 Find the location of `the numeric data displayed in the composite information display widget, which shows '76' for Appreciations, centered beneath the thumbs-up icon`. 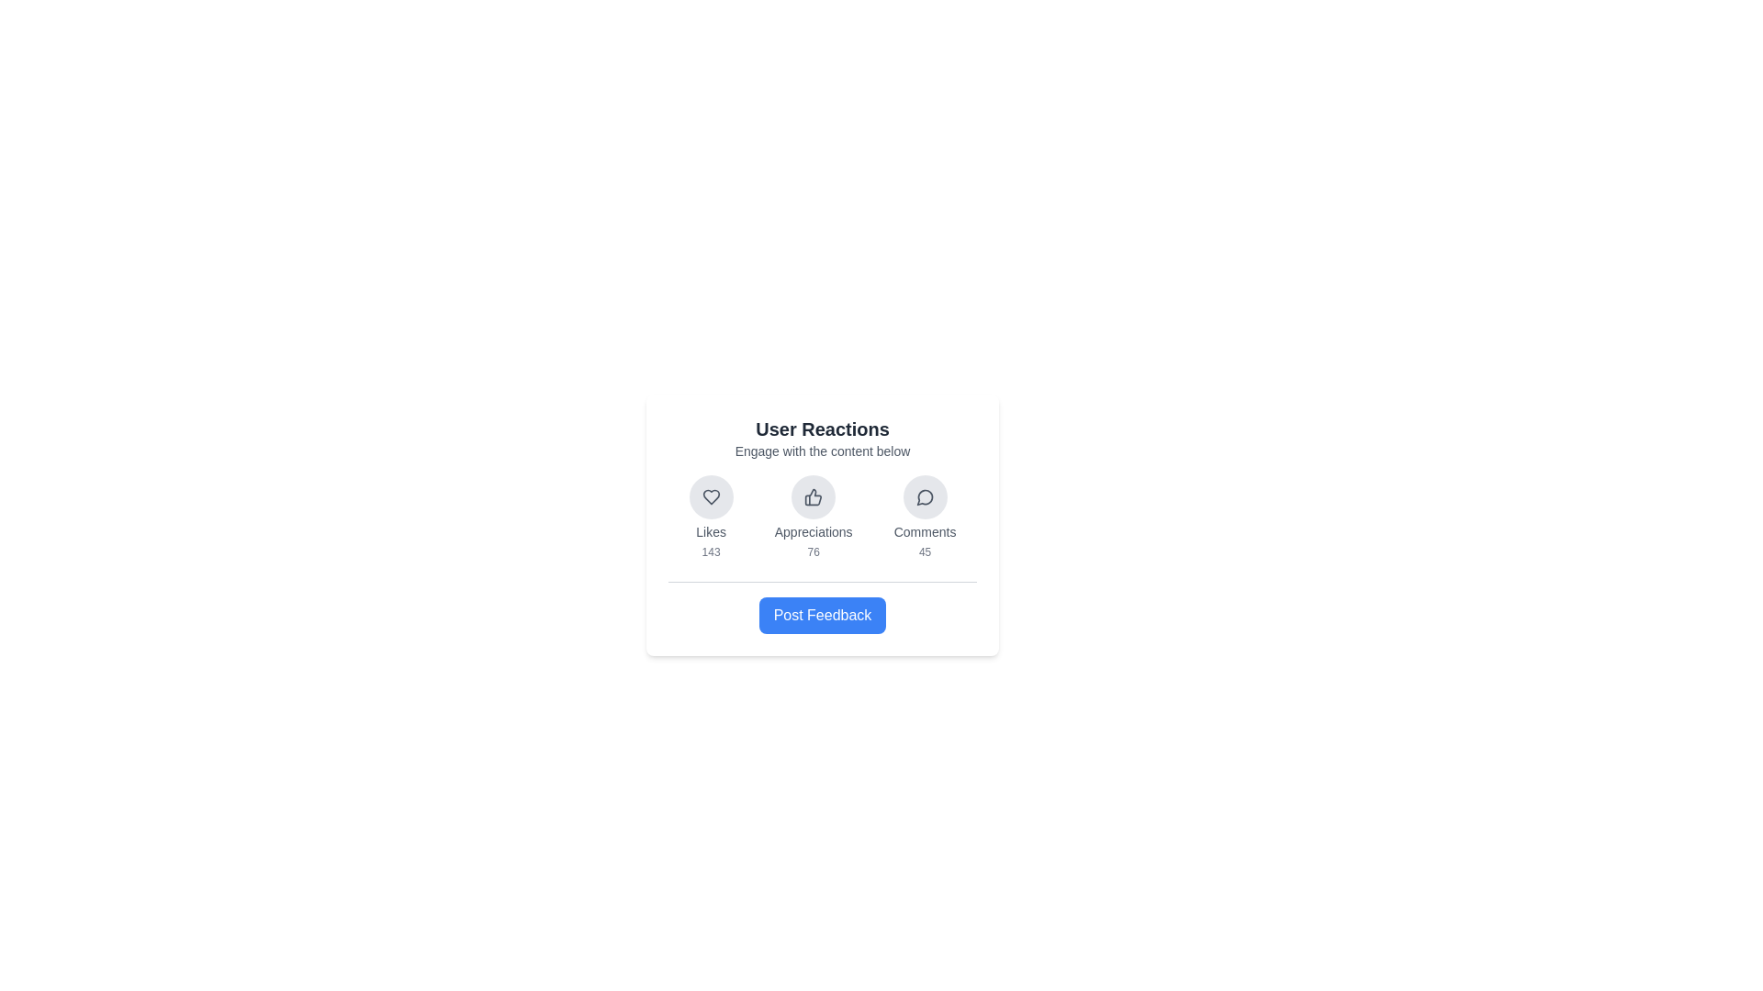

the numeric data displayed in the composite information display widget, which shows '76' for Appreciations, centered beneath the thumbs-up icon is located at coordinates (813, 517).